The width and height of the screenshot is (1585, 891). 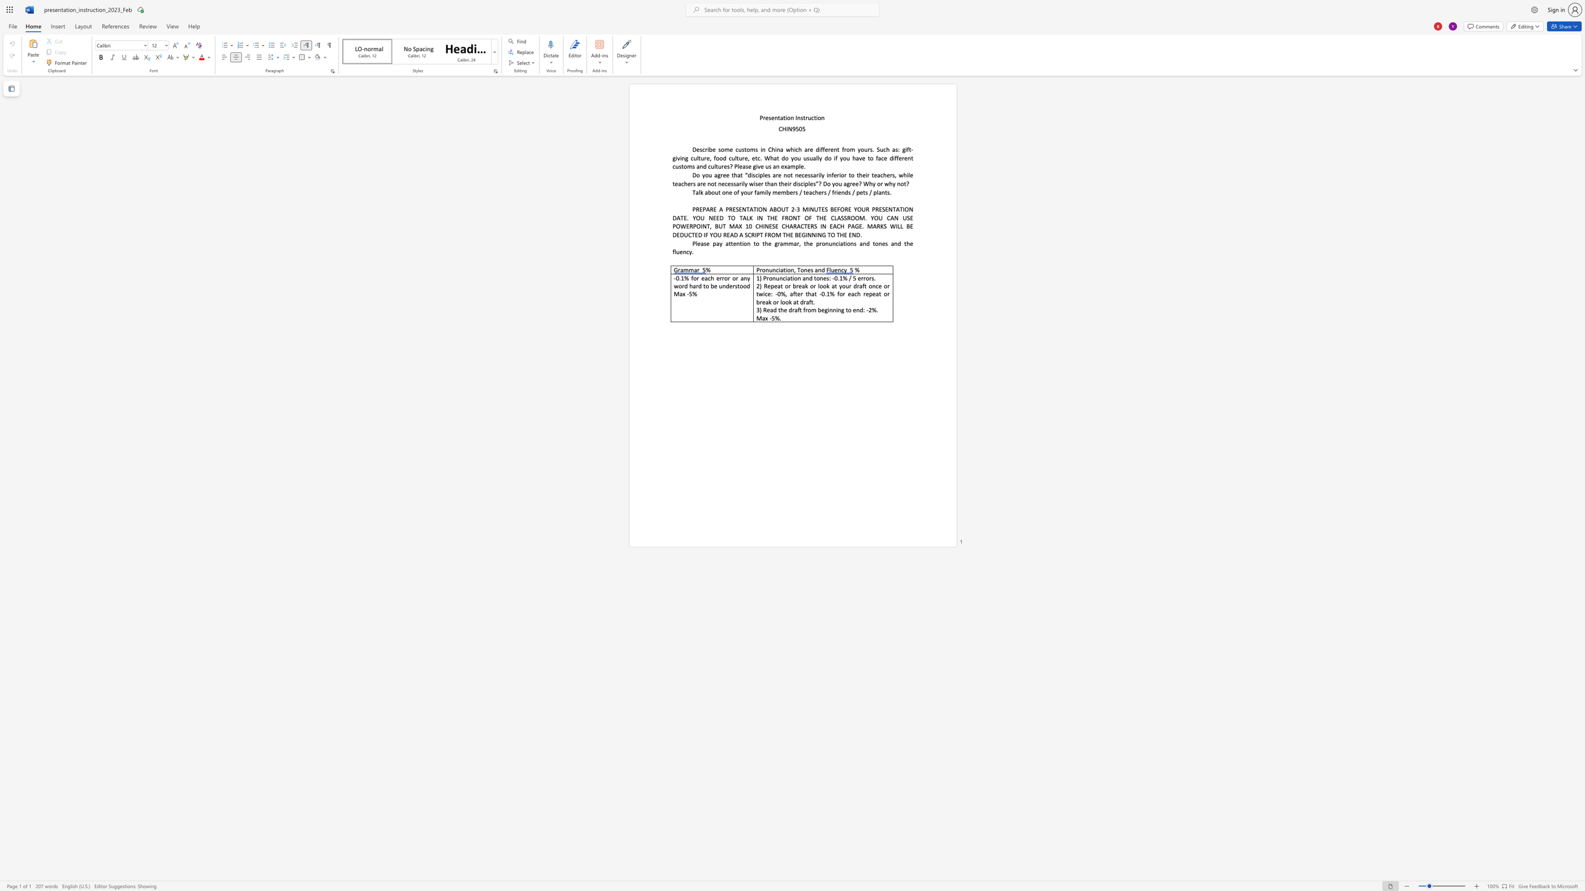 What do you see at coordinates (786, 117) in the screenshot?
I see `the subset text "on Inst" within the text "Presentation Instruction"` at bounding box center [786, 117].